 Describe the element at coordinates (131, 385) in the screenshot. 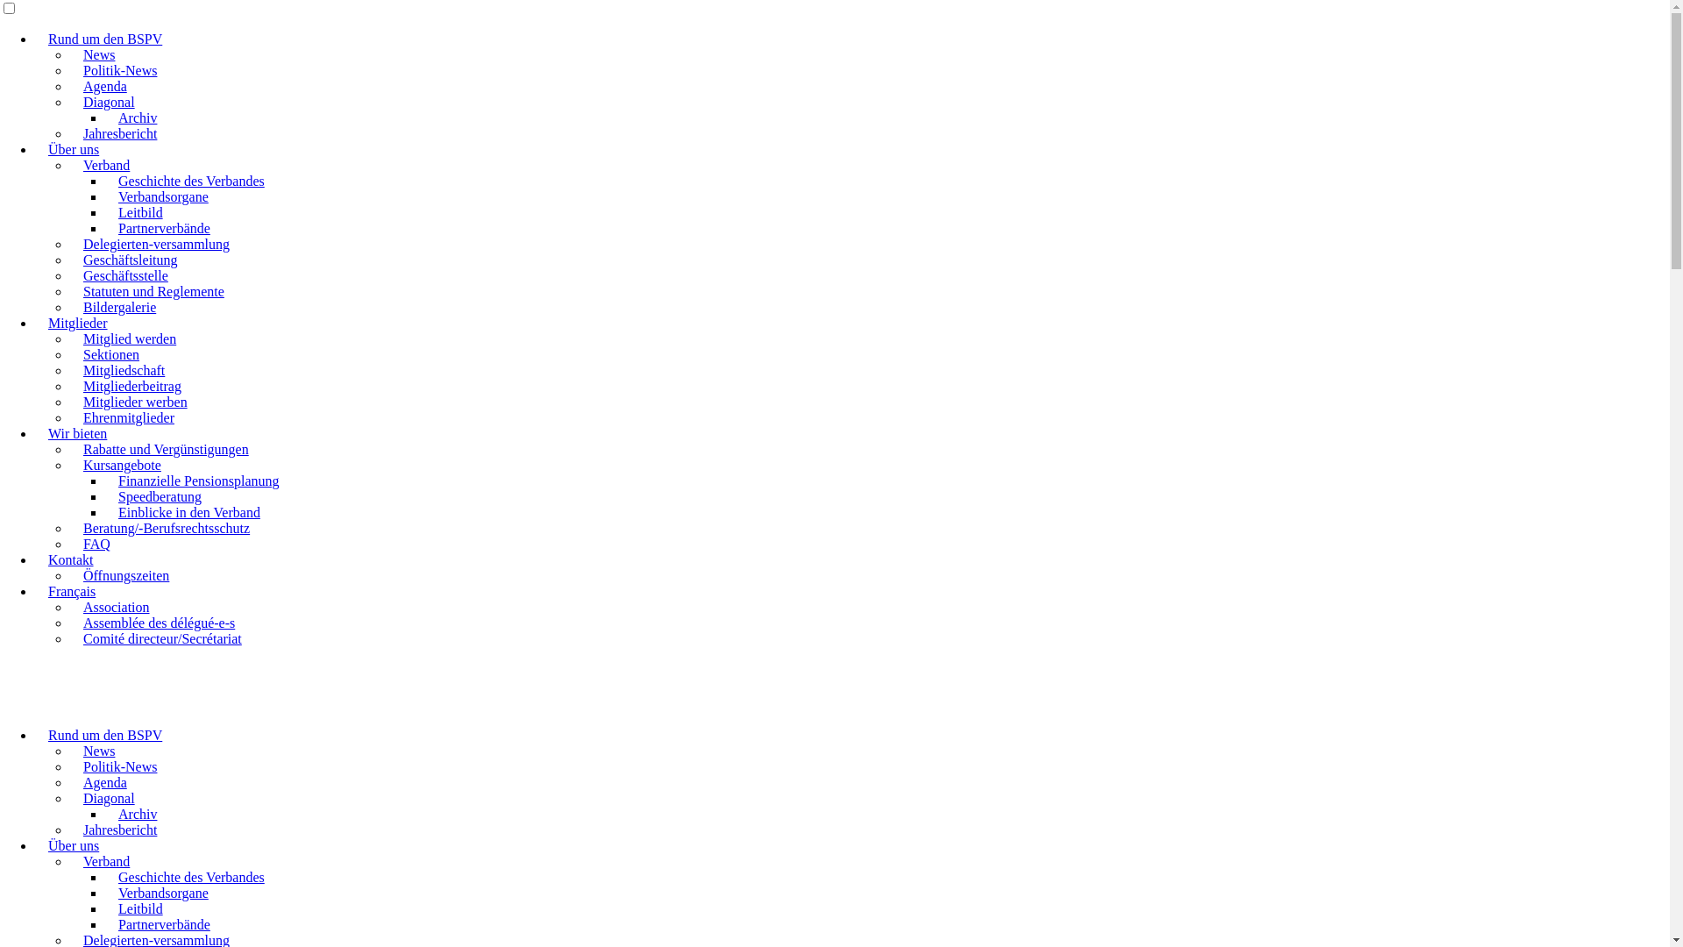

I see `'Mitgliederbeitrag'` at that location.